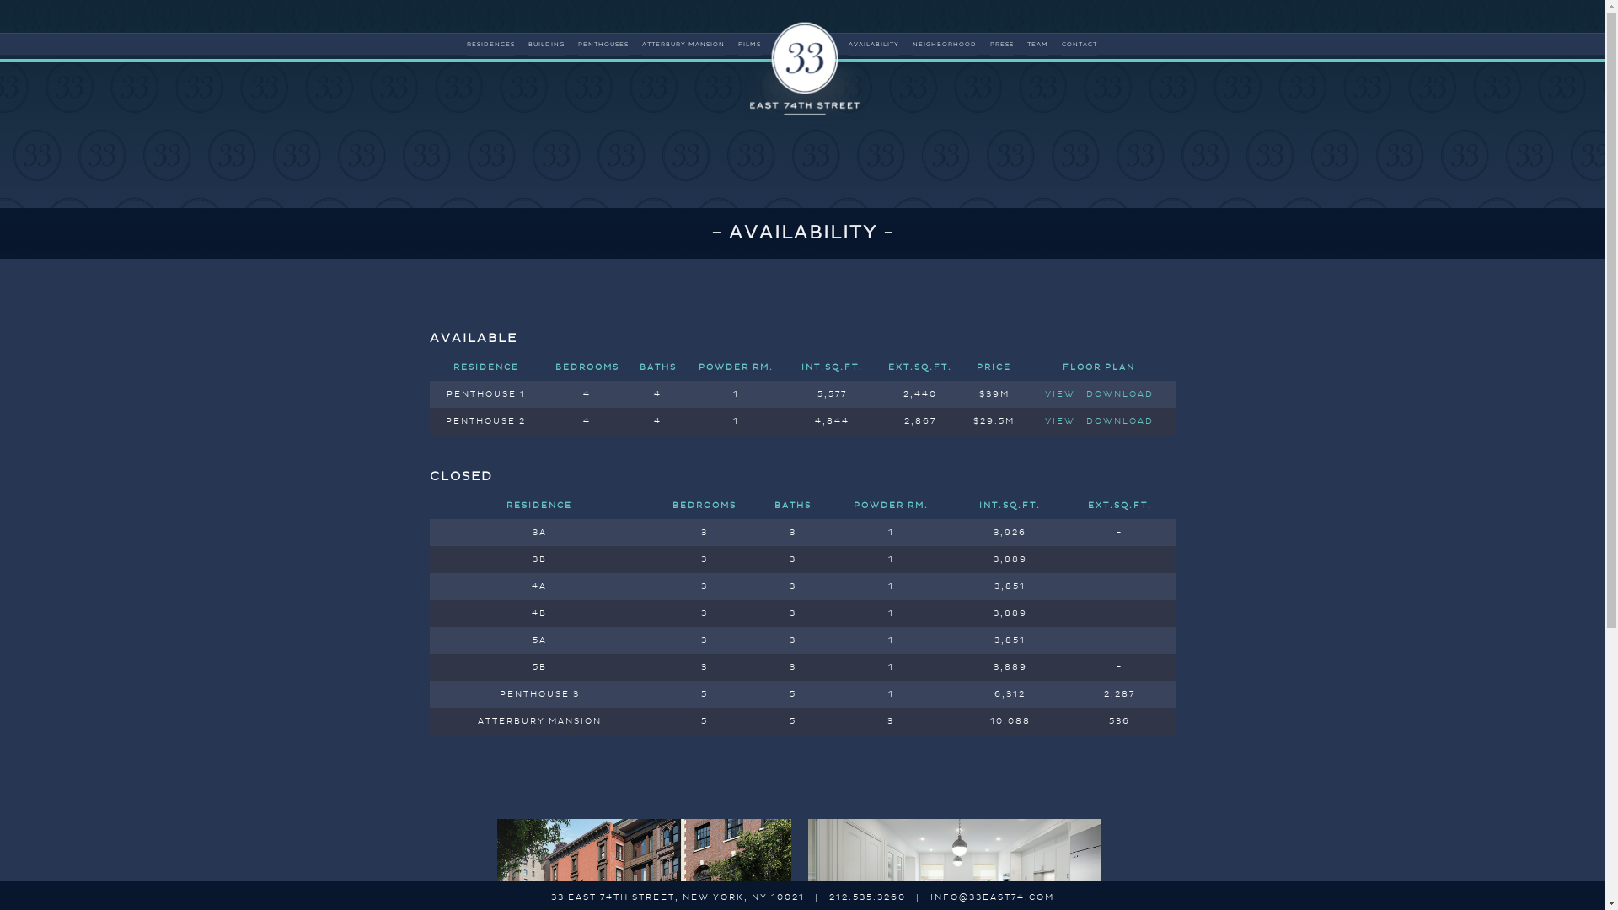  I want to click on 'VIEW', so click(1043, 420).